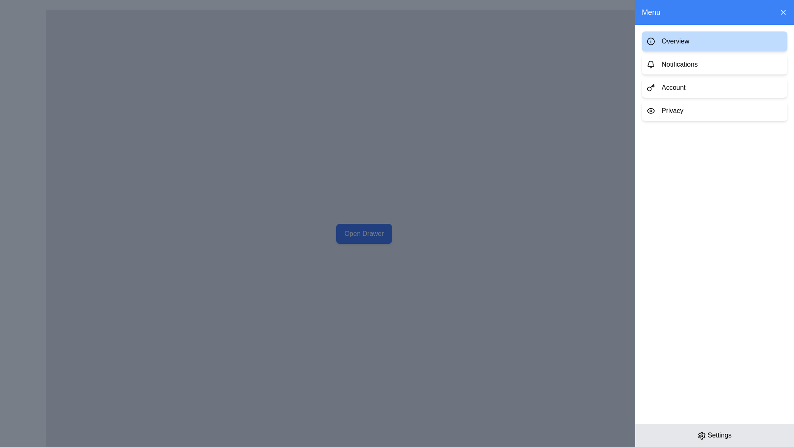 The width and height of the screenshot is (794, 447). What do you see at coordinates (714, 41) in the screenshot?
I see `the navigational button located under the 'Menu' section` at bounding box center [714, 41].